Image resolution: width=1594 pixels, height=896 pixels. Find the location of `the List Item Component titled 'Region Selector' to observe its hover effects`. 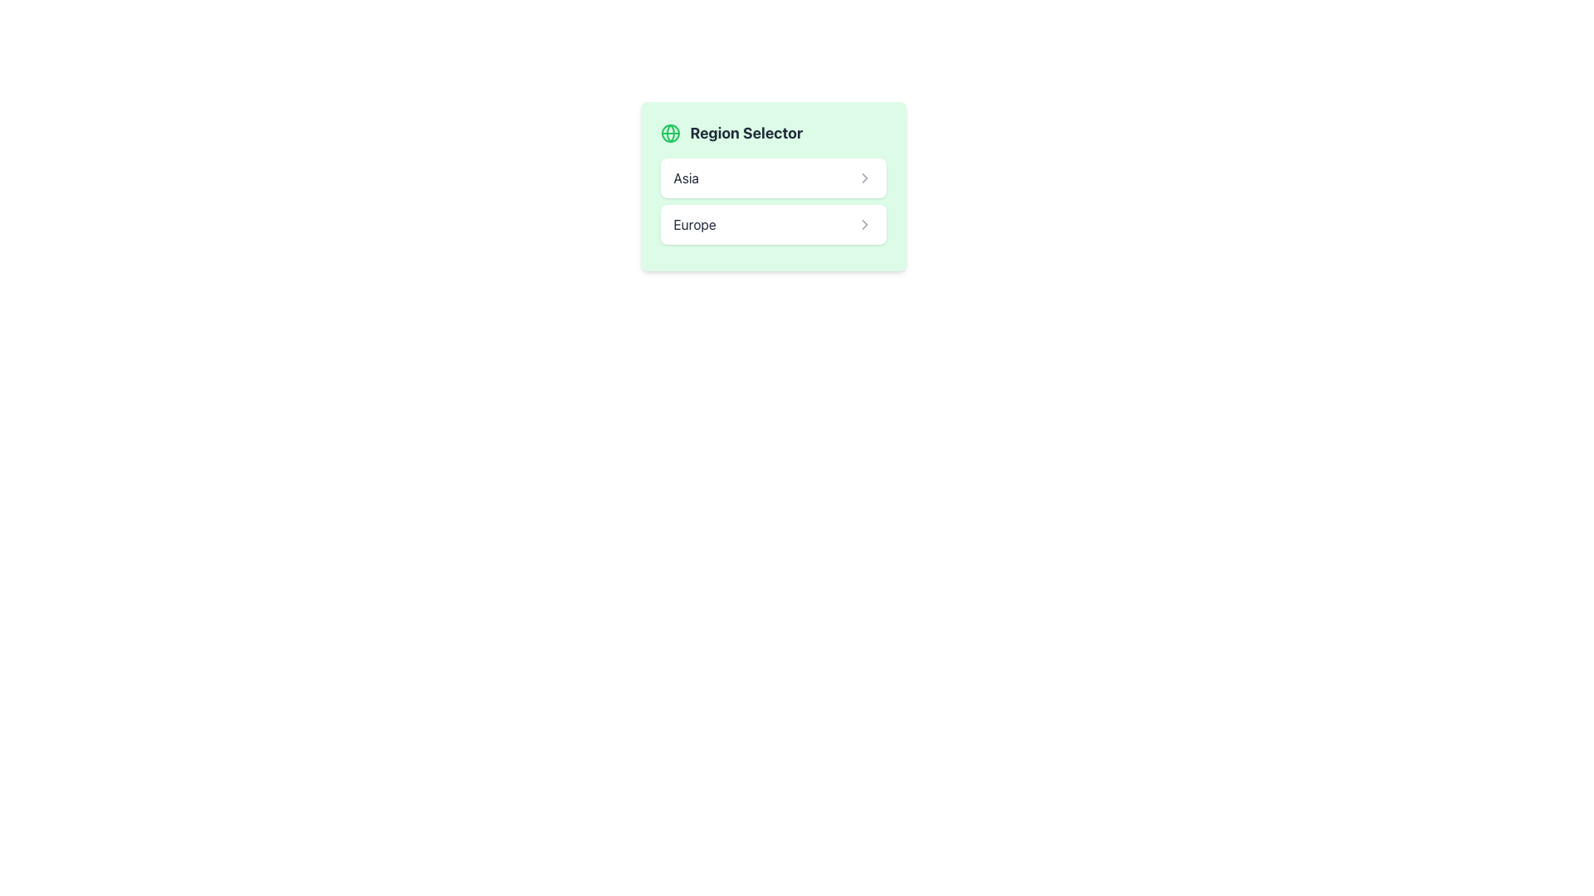

the List Item Component titled 'Region Selector' to observe its hover effects is located at coordinates (772, 201).